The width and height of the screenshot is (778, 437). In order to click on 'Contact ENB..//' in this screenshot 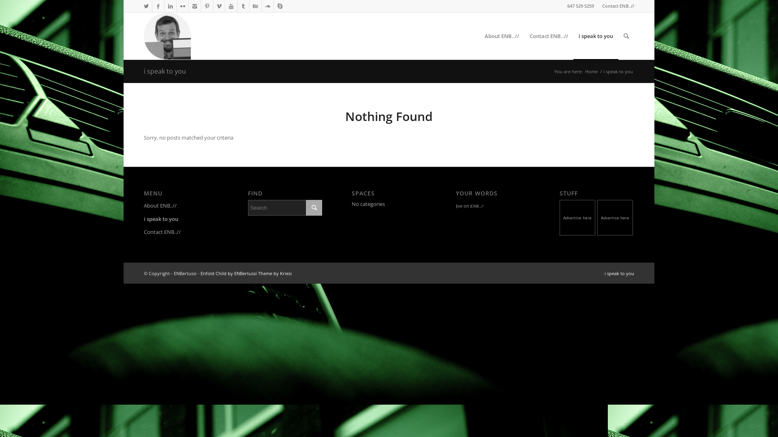, I will do `click(524, 35)`.